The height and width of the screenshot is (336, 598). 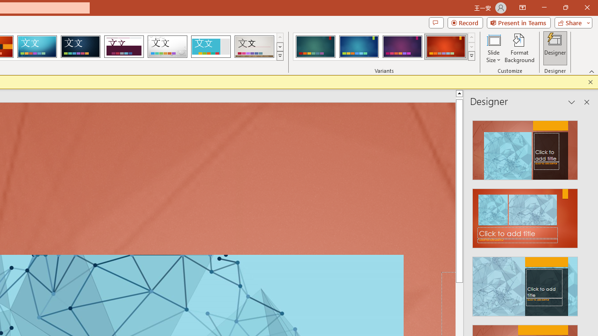 I want to click on 'Slide Size', so click(x=493, y=48).